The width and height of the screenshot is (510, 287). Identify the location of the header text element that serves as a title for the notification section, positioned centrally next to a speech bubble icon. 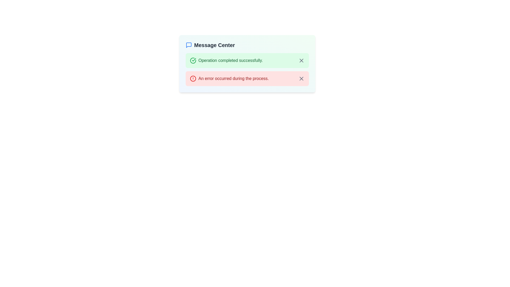
(214, 45).